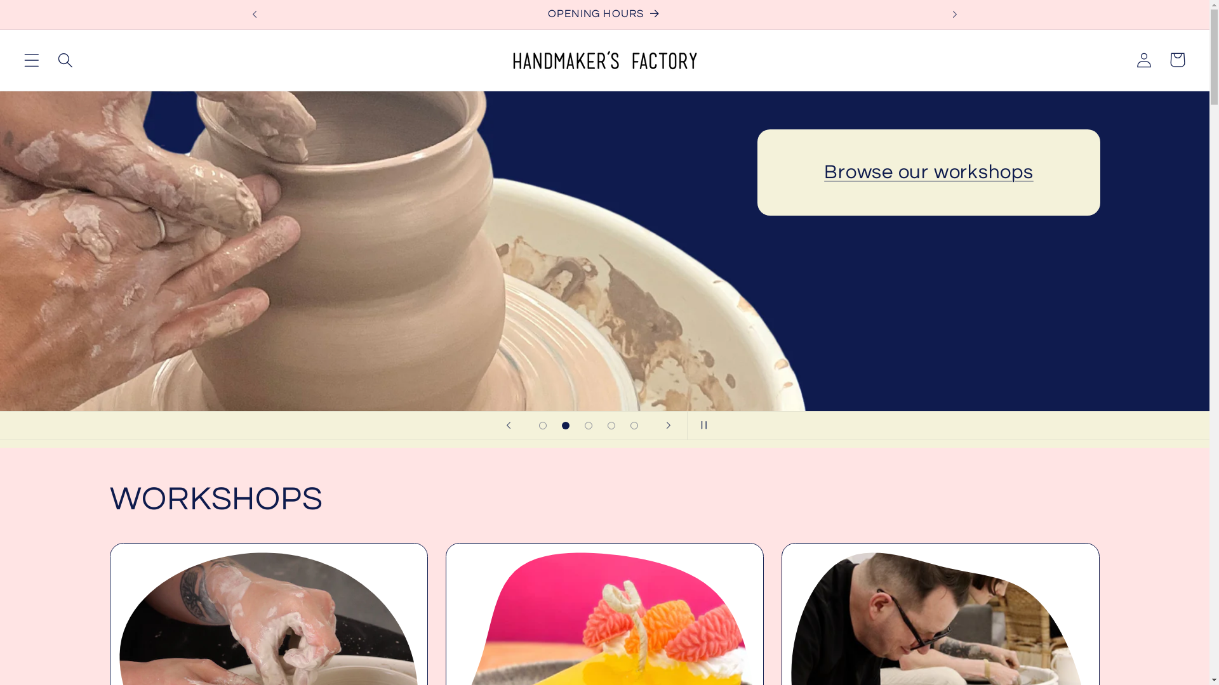 The image size is (1219, 685). Describe the element at coordinates (1176, 60) in the screenshot. I see `'Cart'` at that location.